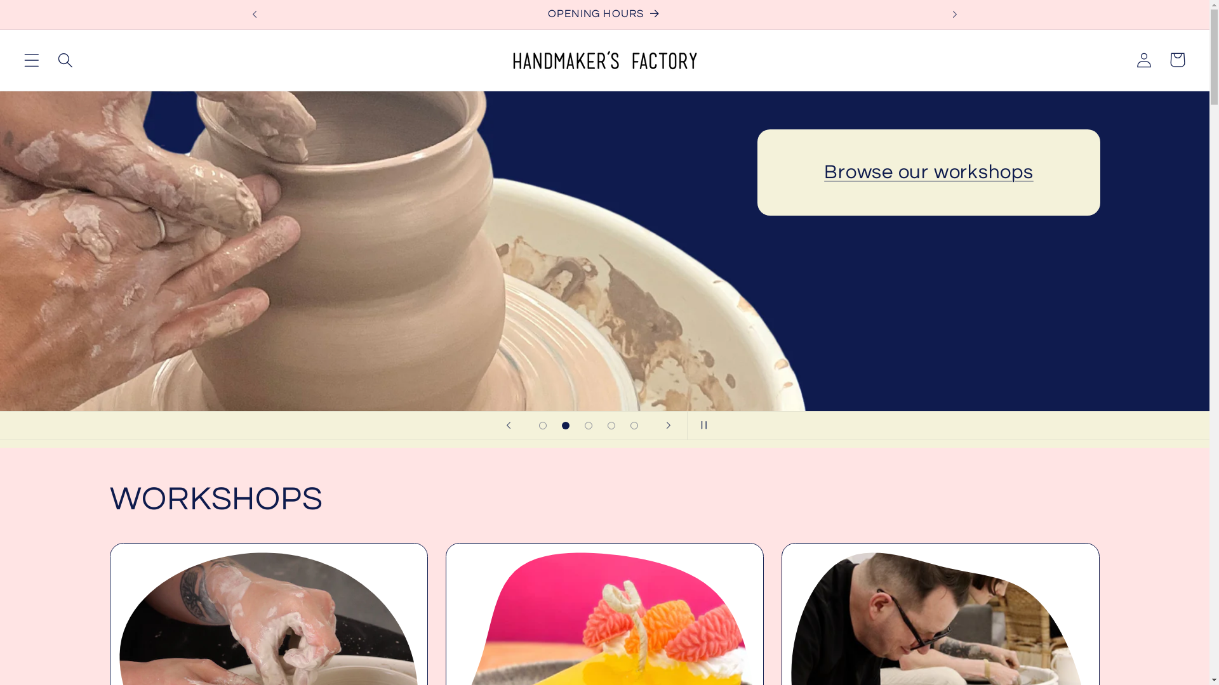 The image size is (1219, 685). Describe the element at coordinates (1176, 60) in the screenshot. I see `'Cart'` at that location.